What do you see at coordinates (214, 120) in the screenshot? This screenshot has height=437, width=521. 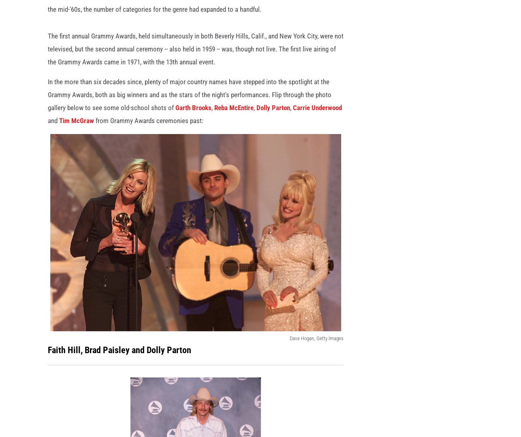 I see `'Reba McEntire'` at bounding box center [214, 120].